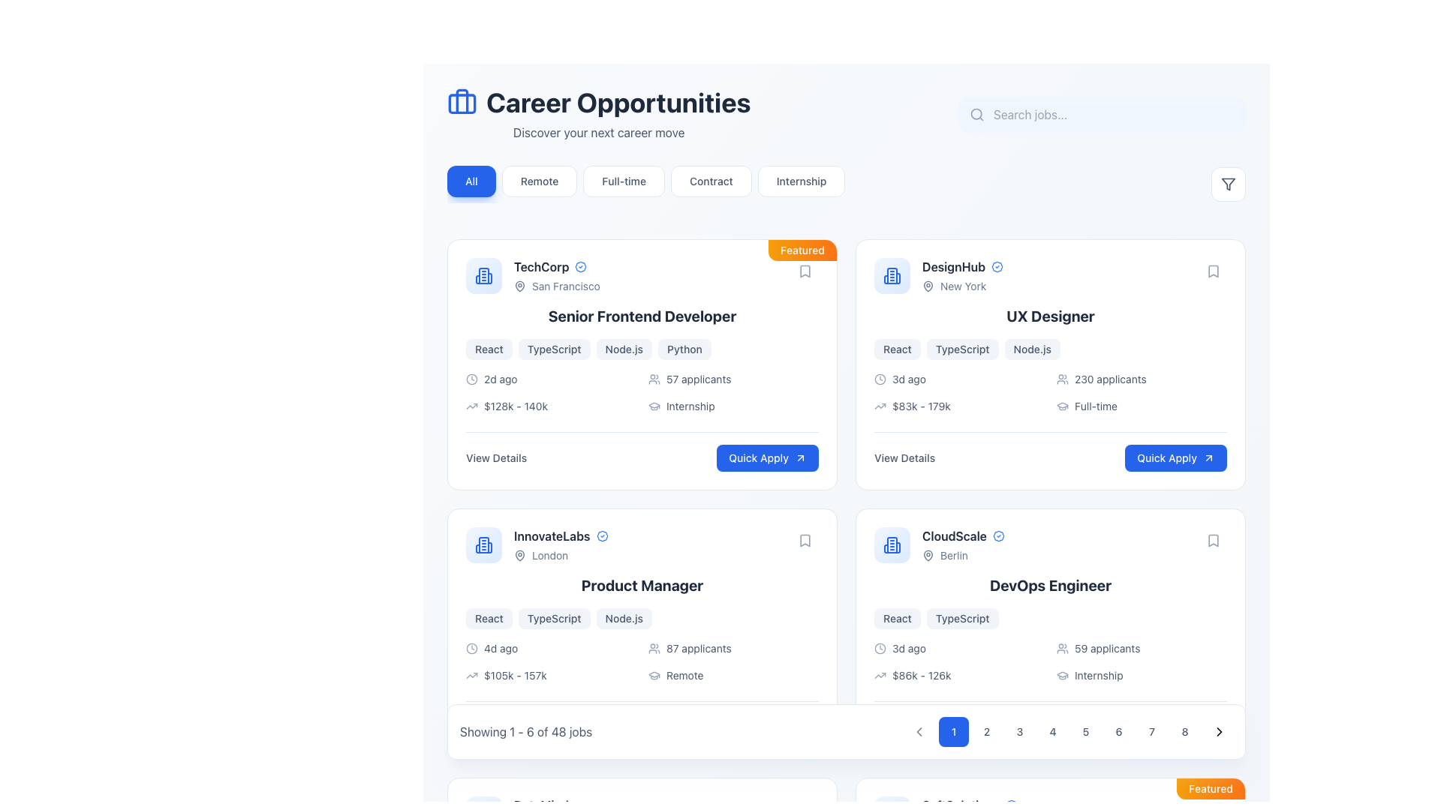 This screenshot has width=1441, height=810. Describe the element at coordinates (892, 275) in the screenshot. I see `decorative SVG icon component representing the company in the job post for 'DesignHub UX Designer' using the browser's developer tools` at that location.